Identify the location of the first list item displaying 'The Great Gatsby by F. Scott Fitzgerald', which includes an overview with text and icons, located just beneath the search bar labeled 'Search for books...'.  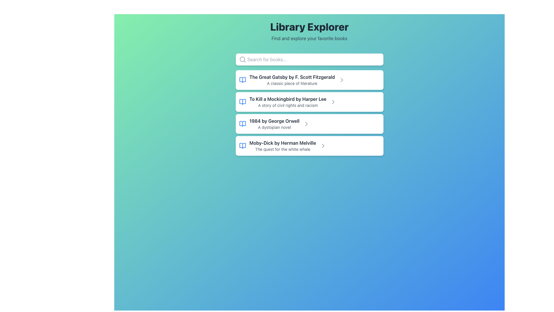
(309, 80).